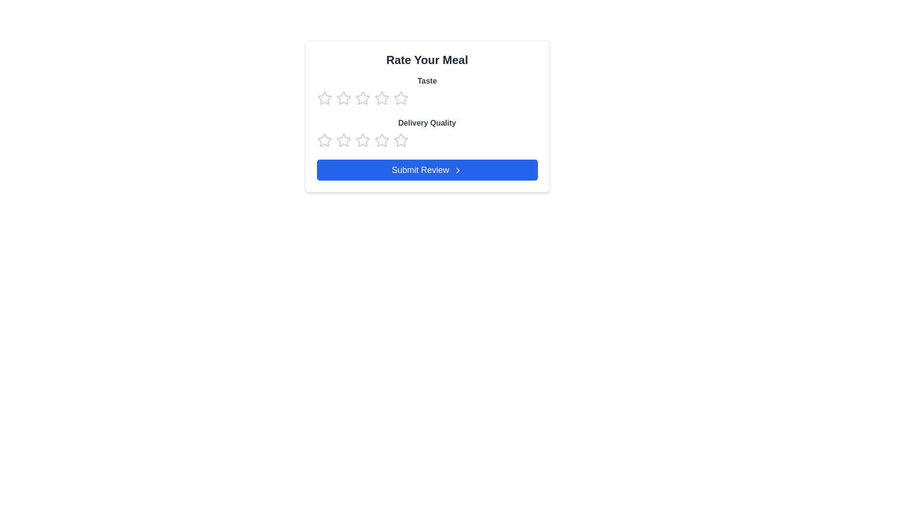 This screenshot has width=918, height=516. I want to click on the hollow light gray star-shaped icon in the second row, third column of the star rating grid for 'Delivery Quality', so click(381, 140).